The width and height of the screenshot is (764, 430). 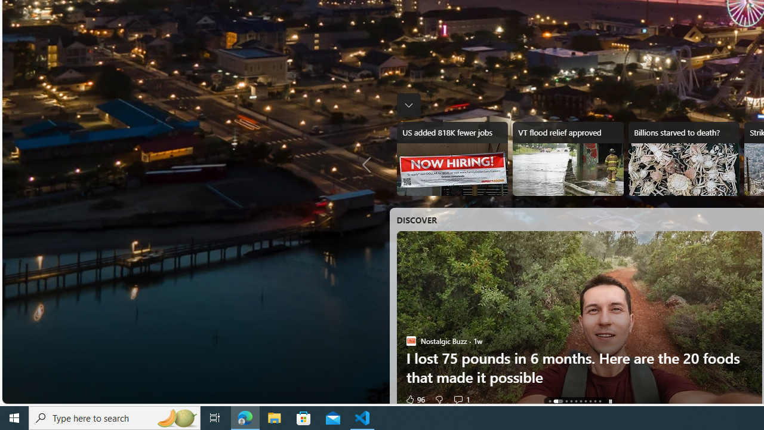 What do you see at coordinates (369, 165) in the screenshot?
I see `'Previous news'` at bounding box center [369, 165].